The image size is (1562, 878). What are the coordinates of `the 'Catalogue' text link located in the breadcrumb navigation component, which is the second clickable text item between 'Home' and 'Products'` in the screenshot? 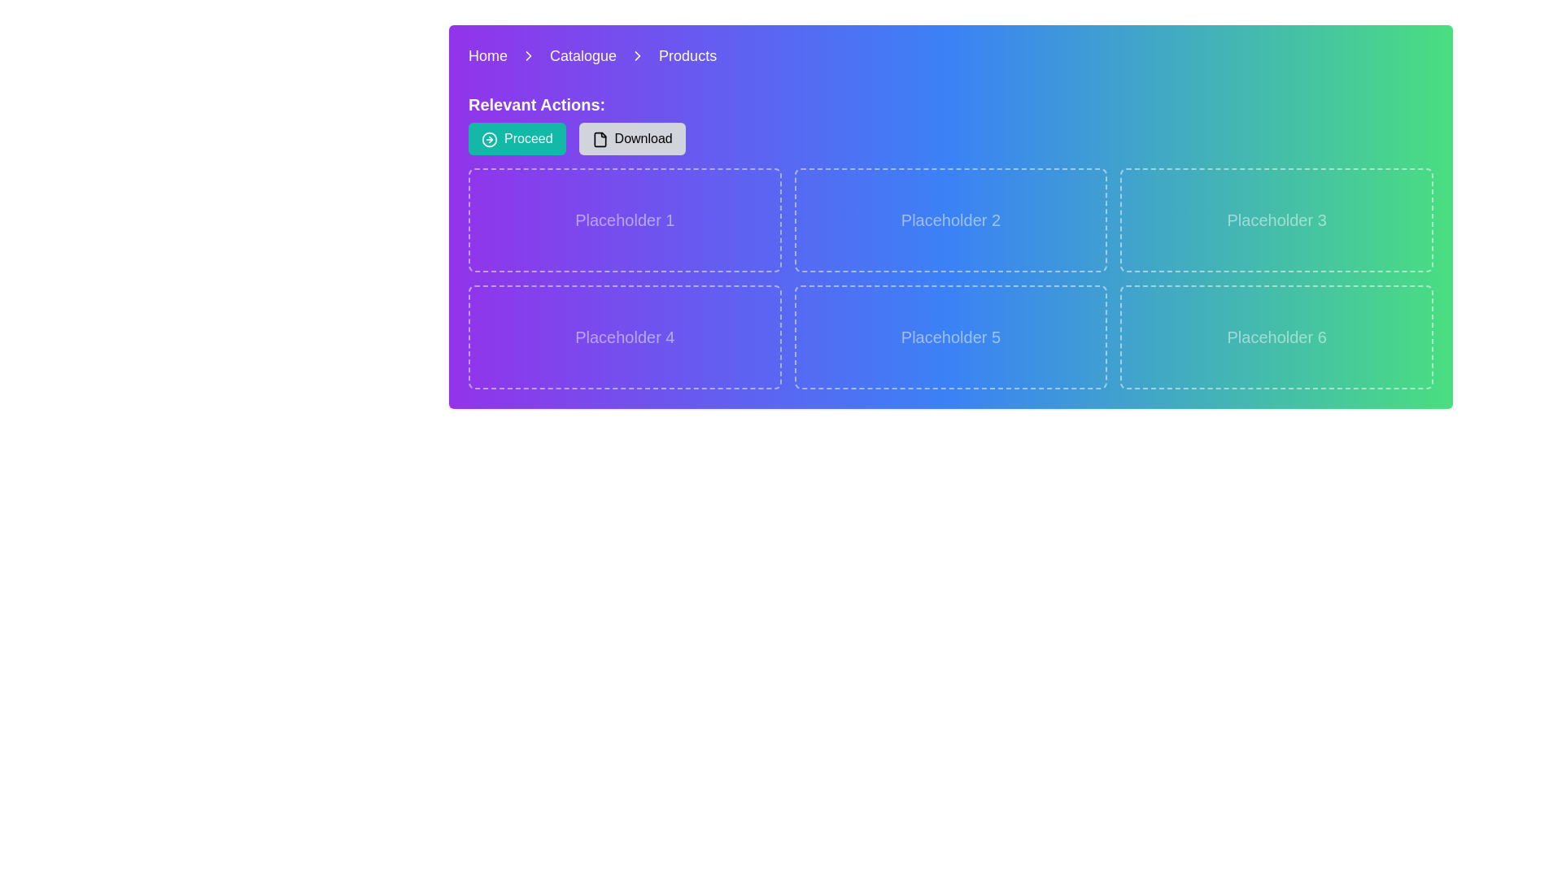 It's located at (583, 55).